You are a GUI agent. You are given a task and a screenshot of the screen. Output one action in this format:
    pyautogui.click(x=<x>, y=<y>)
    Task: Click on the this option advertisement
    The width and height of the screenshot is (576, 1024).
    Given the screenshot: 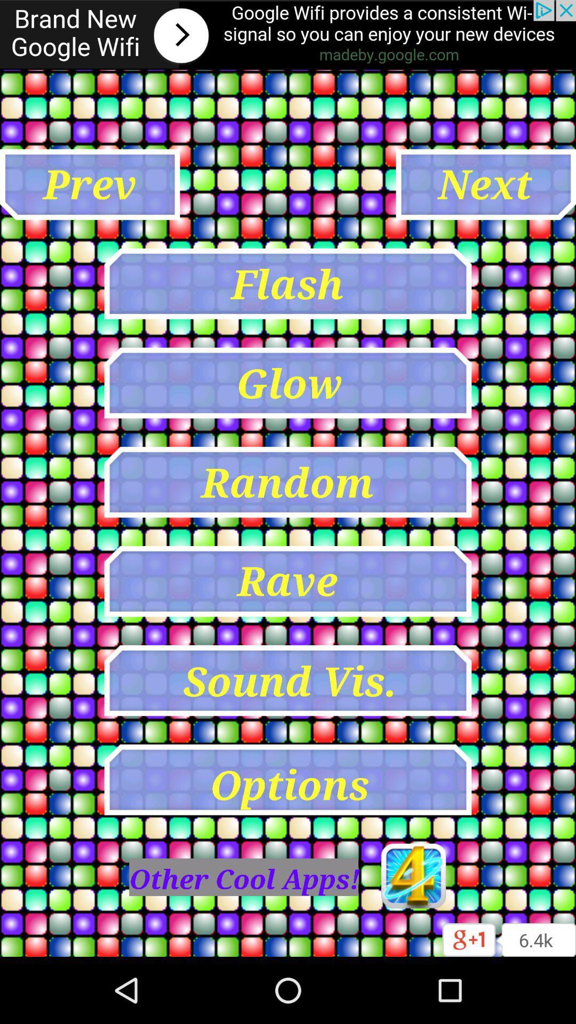 What is the action you would take?
    pyautogui.click(x=288, y=35)
    